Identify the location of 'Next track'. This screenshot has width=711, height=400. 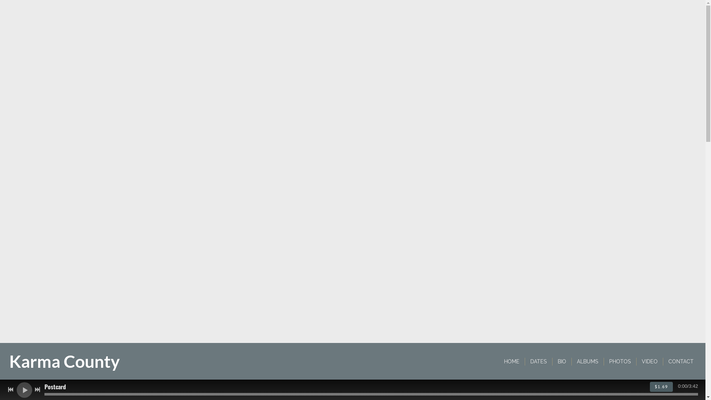
(37, 389).